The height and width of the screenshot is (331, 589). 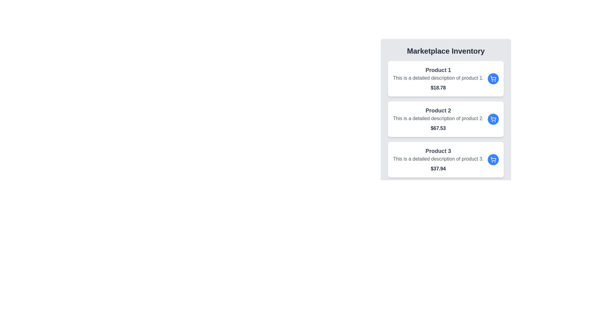 I want to click on the bold dark gray text label displaying the value '$67.53' located below the description of Product 2, so click(x=438, y=128).